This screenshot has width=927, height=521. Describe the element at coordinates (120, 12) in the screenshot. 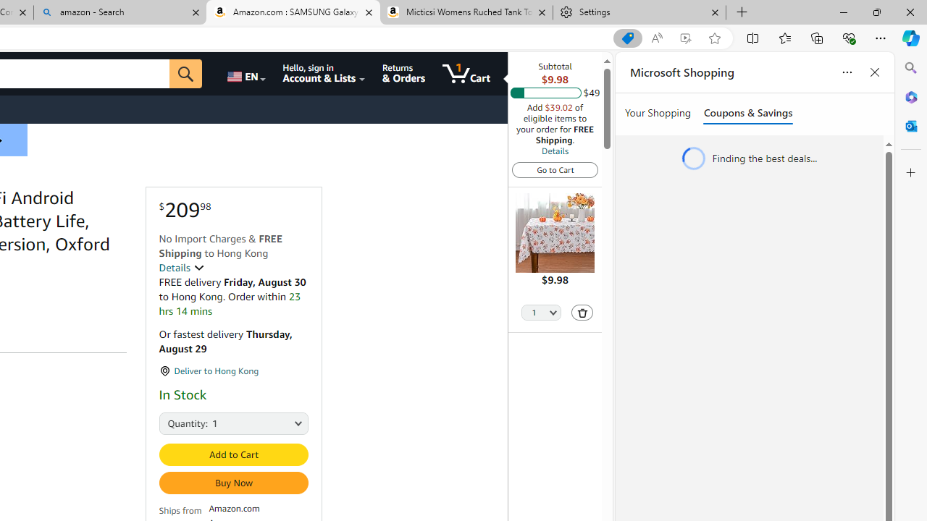

I see `'amazon - Search'` at that location.